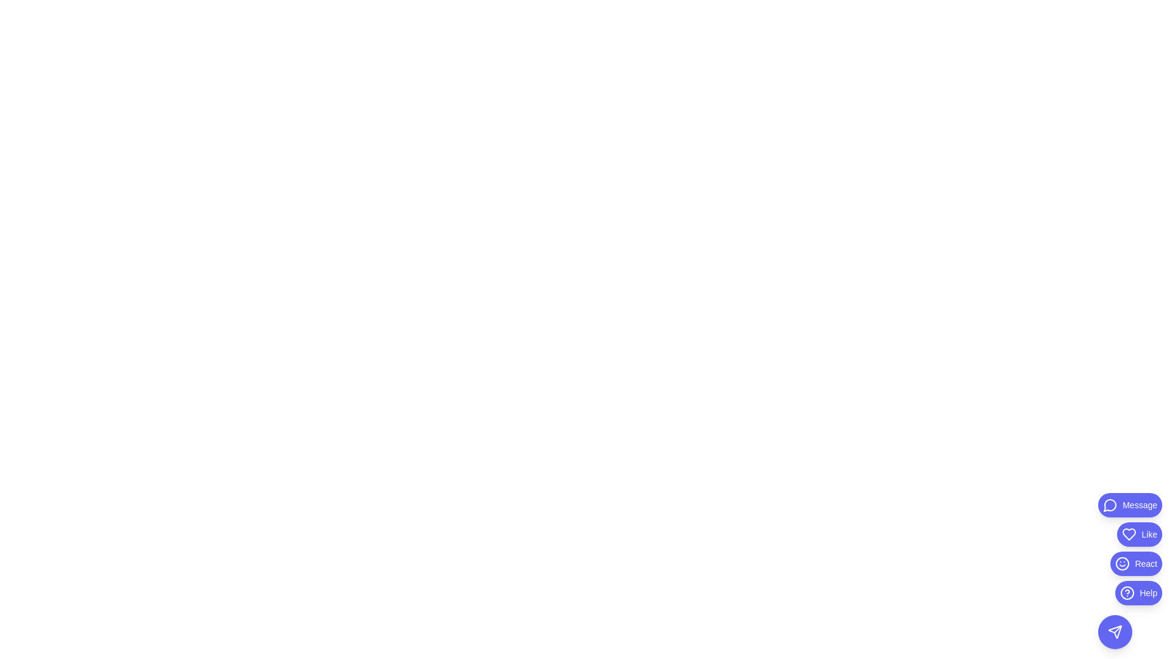 This screenshot has width=1172, height=659. I want to click on the React button, so click(1135, 564).